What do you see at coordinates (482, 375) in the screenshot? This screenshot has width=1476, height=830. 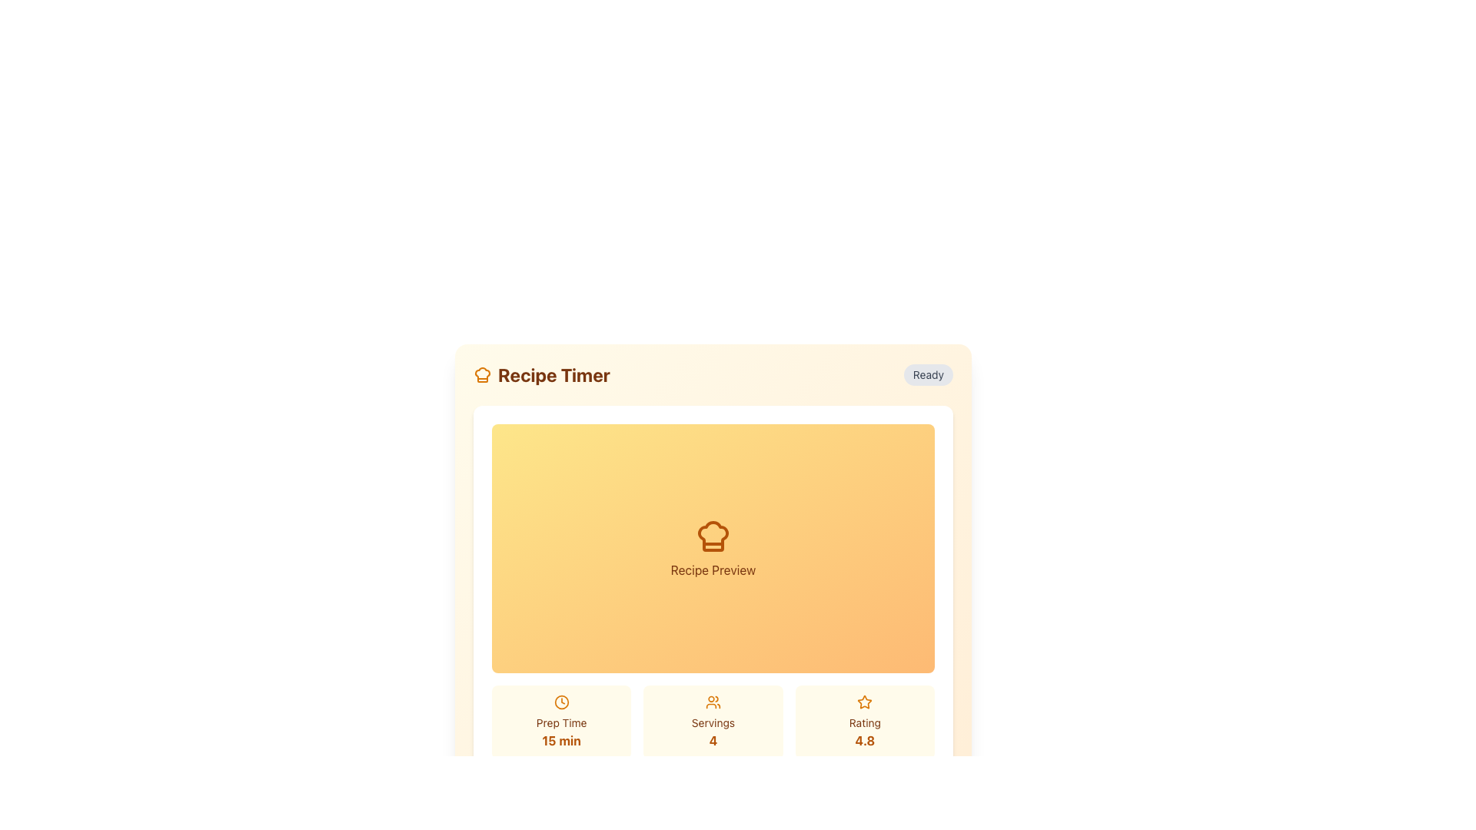 I see `the chef's hat icon located centrally within the recipe-related interface, directly below the 'Recipe Timer' title` at bounding box center [482, 375].